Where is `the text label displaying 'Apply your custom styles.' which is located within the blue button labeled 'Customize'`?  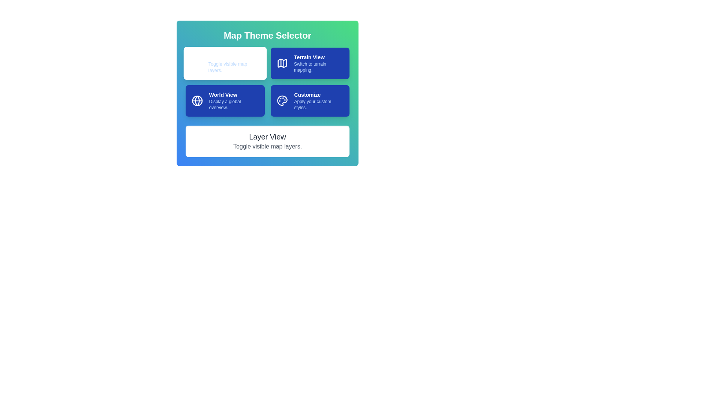
the text label displaying 'Apply your custom styles.' which is located within the blue button labeled 'Customize' is located at coordinates (319, 104).